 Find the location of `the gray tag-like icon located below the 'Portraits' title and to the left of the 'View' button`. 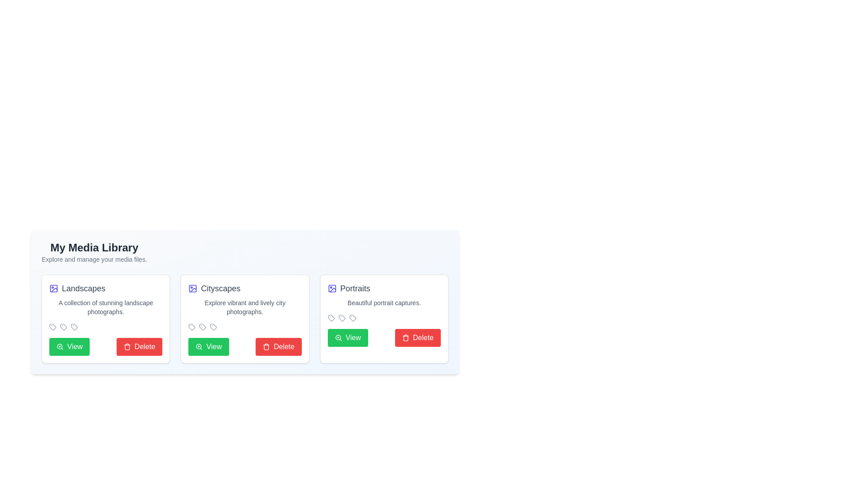

the gray tag-like icon located below the 'Portraits' title and to the left of the 'View' button is located at coordinates (341, 317).